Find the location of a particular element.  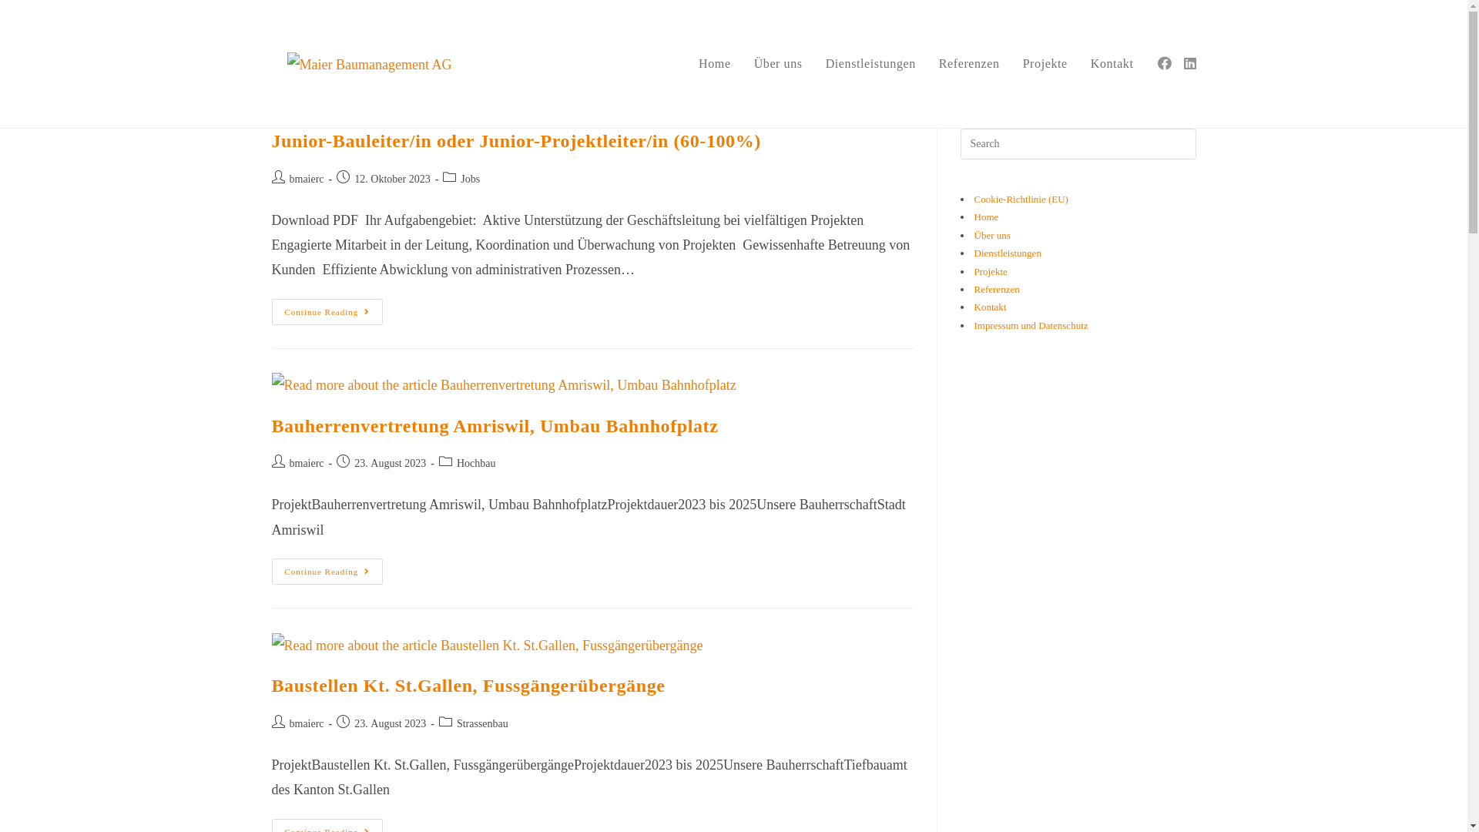

'Projekte' is located at coordinates (1045, 63).